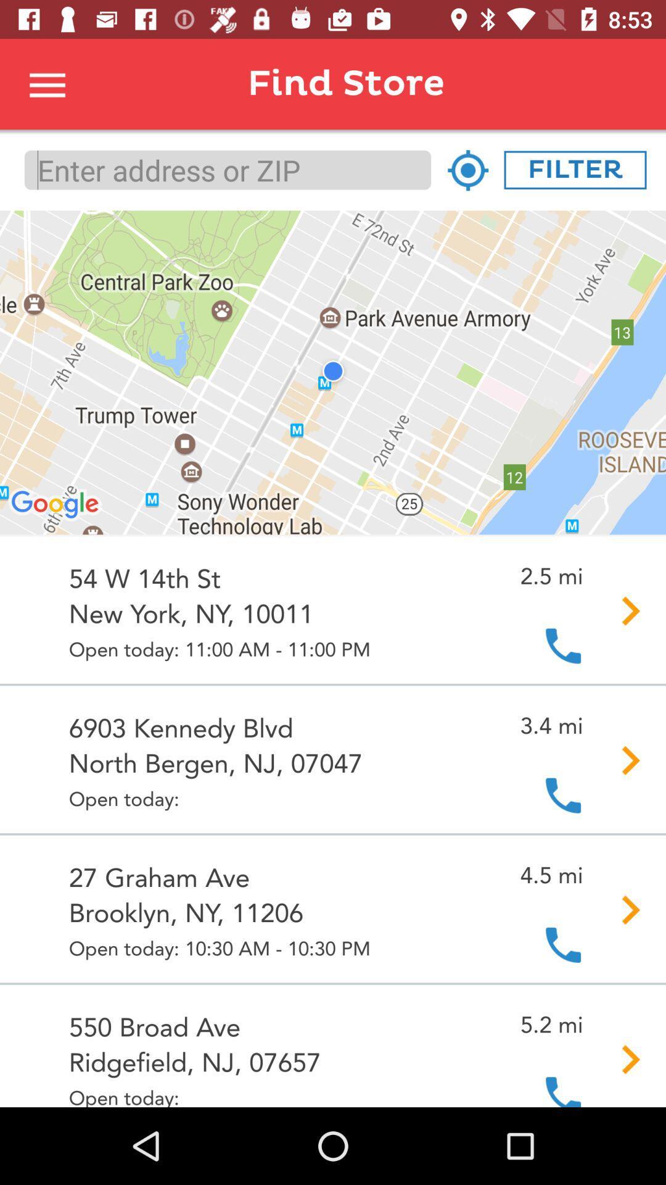 Image resolution: width=666 pixels, height=1185 pixels. What do you see at coordinates (47, 83) in the screenshot?
I see `apps` at bounding box center [47, 83].